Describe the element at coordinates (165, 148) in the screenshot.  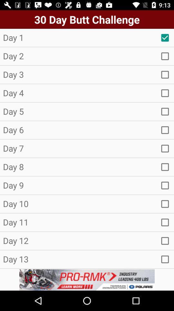
I see `empty box option` at that location.